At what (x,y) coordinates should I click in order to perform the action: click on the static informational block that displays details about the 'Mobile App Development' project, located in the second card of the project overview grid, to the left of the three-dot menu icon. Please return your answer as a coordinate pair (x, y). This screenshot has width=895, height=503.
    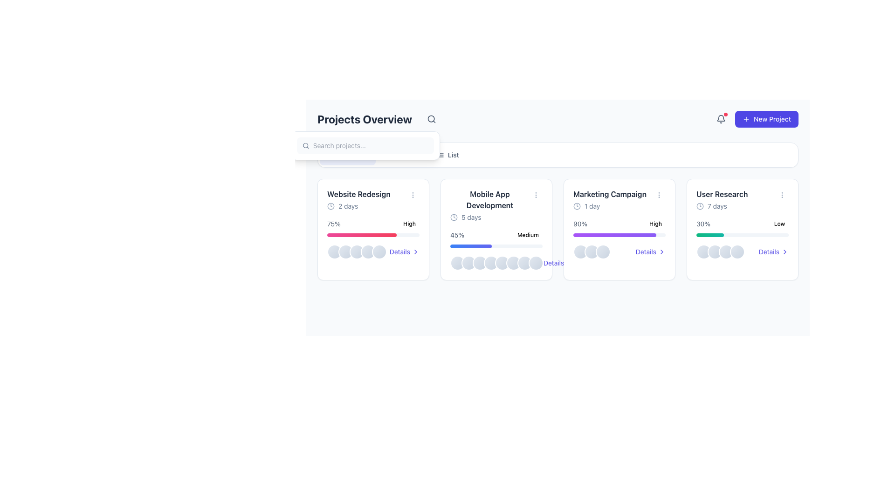
    Looking at the image, I should click on (496, 204).